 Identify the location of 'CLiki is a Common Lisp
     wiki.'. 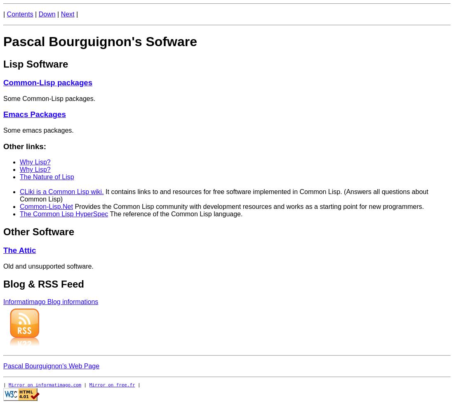
(61, 191).